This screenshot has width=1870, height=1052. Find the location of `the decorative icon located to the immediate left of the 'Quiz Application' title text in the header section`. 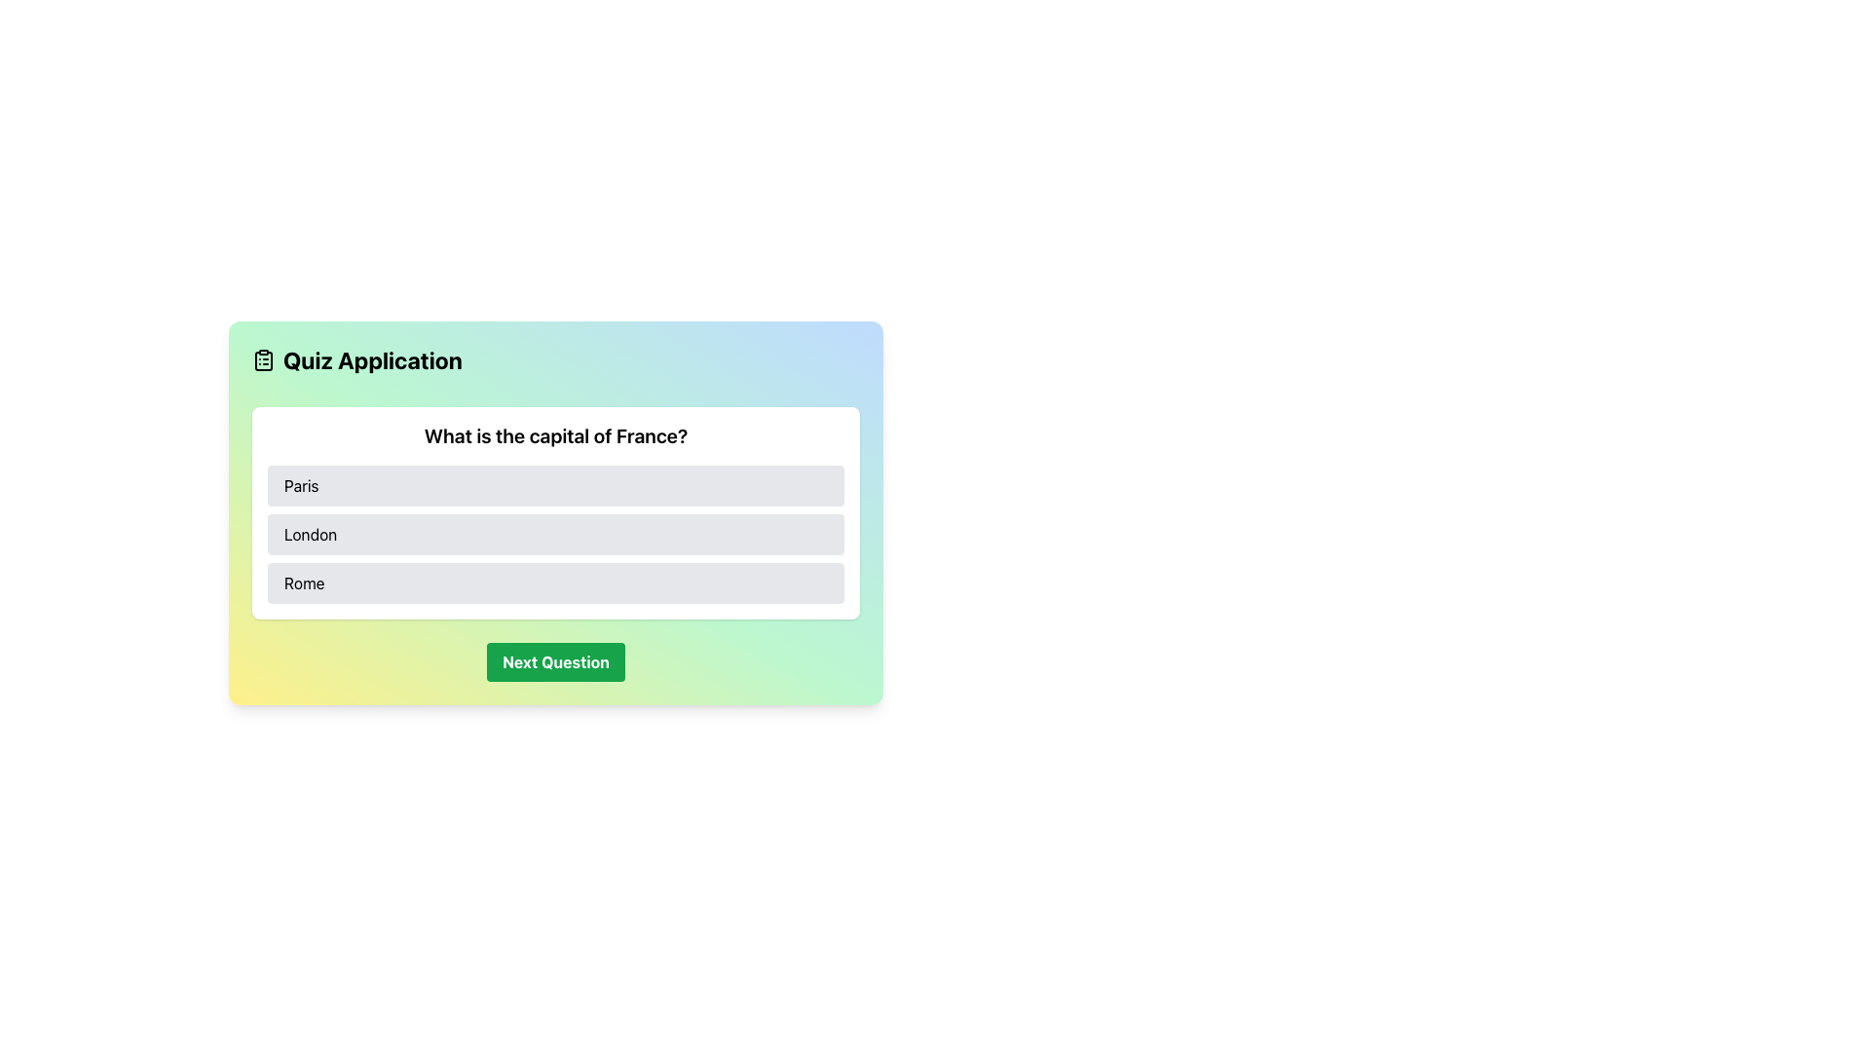

the decorative icon located to the immediate left of the 'Quiz Application' title text in the header section is located at coordinates (262, 360).